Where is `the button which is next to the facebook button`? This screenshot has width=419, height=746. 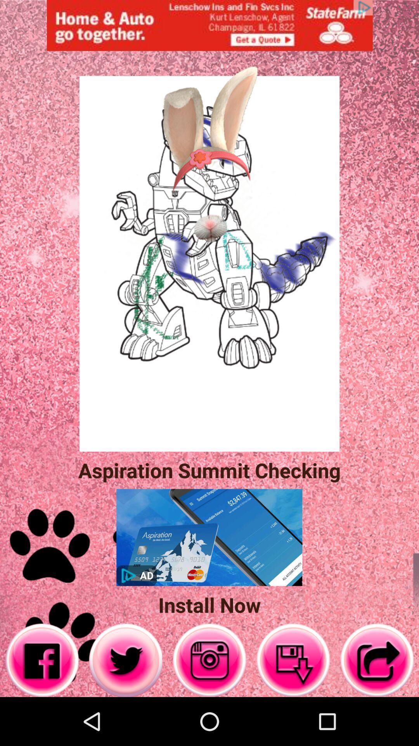 the button which is next to the facebook button is located at coordinates (125, 660).